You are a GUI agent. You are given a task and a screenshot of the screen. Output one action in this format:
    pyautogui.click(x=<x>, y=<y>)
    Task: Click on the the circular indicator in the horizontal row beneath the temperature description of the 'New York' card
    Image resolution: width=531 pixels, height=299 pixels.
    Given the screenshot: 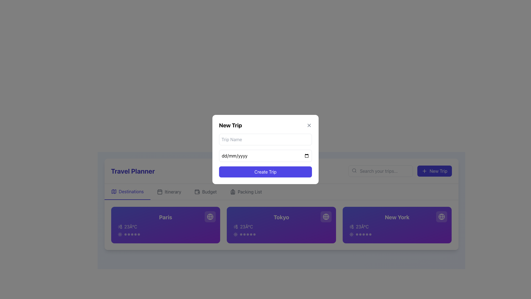 What is the action you would take?
    pyautogui.click(x=363, y=234)
    